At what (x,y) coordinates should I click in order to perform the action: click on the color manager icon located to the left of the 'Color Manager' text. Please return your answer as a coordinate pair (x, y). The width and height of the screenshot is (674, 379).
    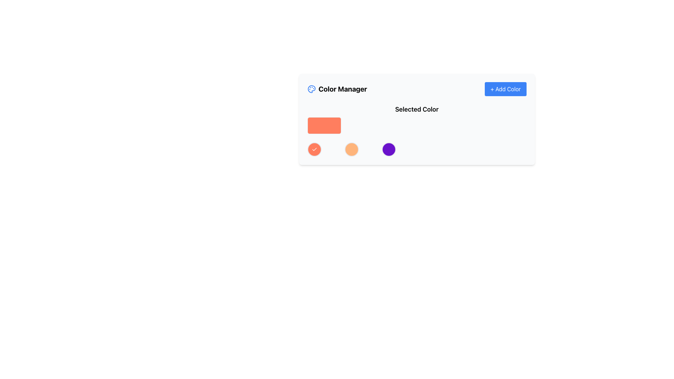
    Looking at the image, I should click on (311, 89).